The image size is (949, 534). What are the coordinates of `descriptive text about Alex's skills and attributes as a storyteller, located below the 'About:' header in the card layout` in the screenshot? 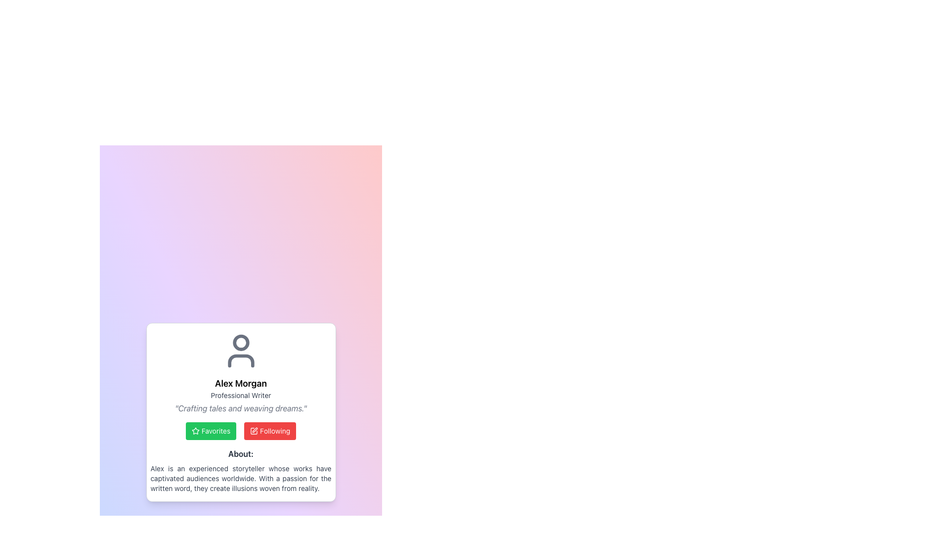 It's located at (241, 478).